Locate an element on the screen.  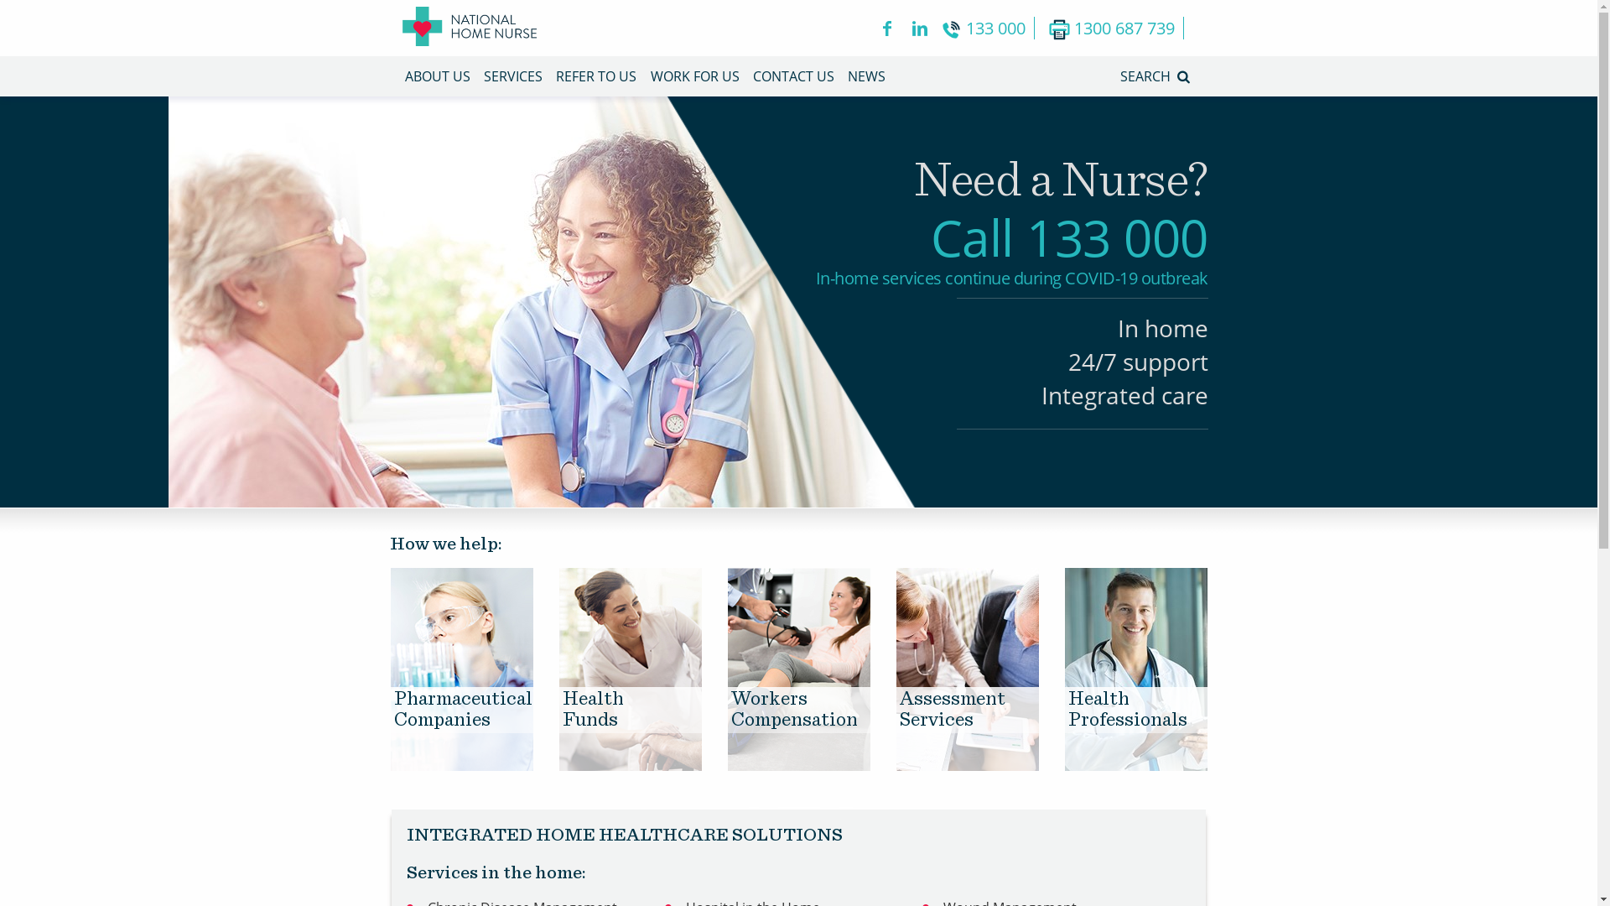
'SERVICES' is located at coordinates (512, 76).